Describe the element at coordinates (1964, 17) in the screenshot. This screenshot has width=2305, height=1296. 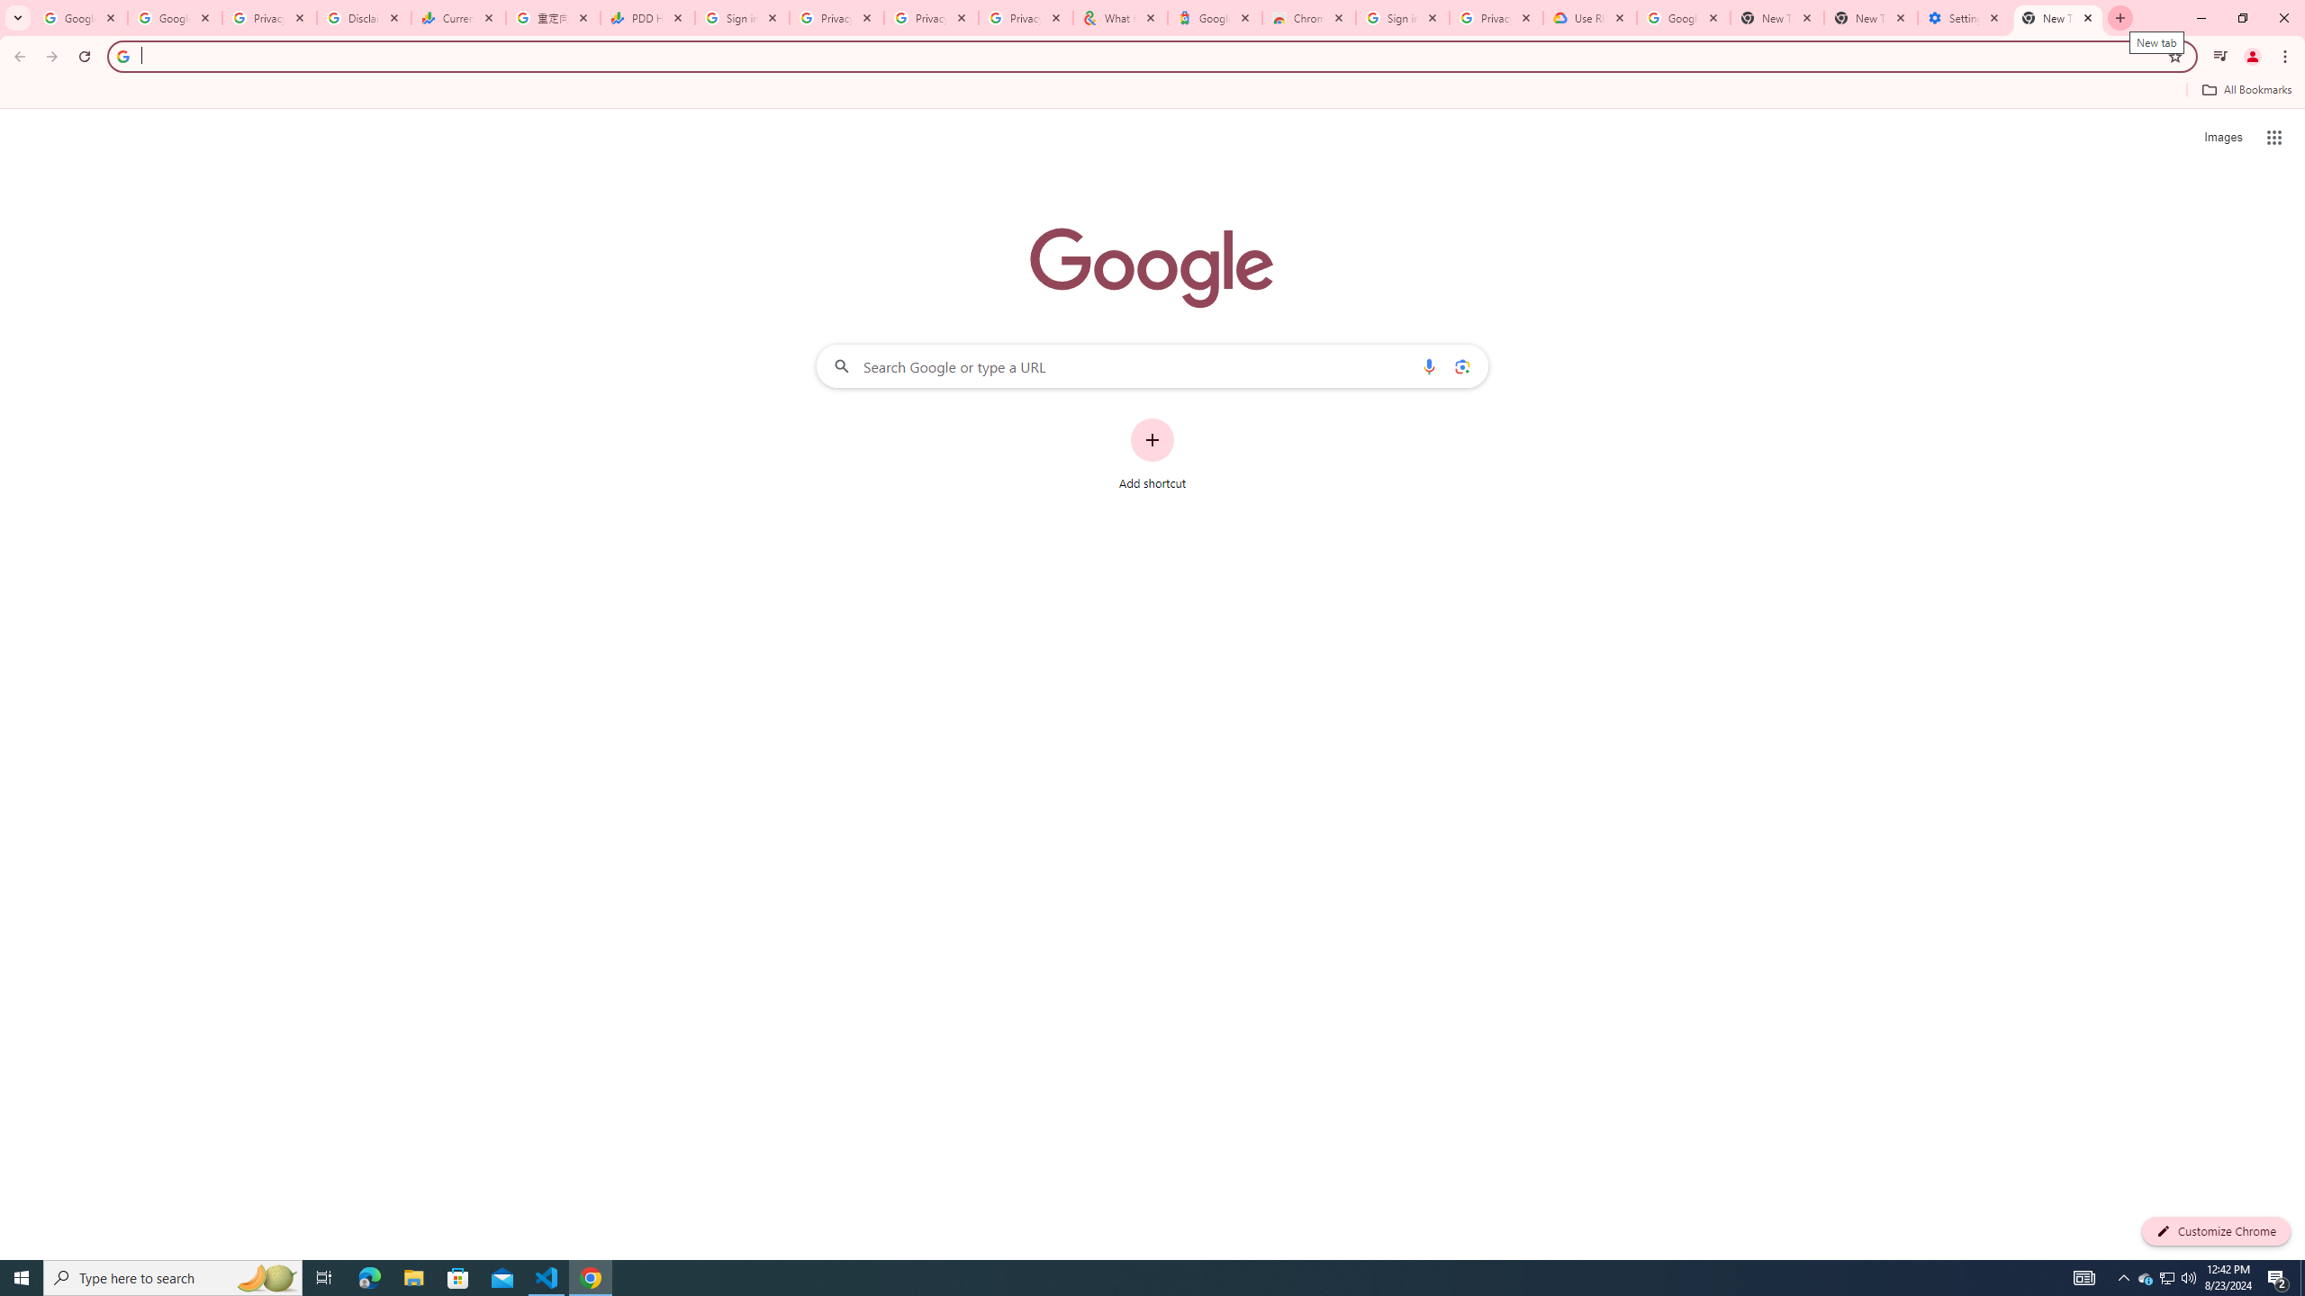
I see `'Settings - System'` at that location.